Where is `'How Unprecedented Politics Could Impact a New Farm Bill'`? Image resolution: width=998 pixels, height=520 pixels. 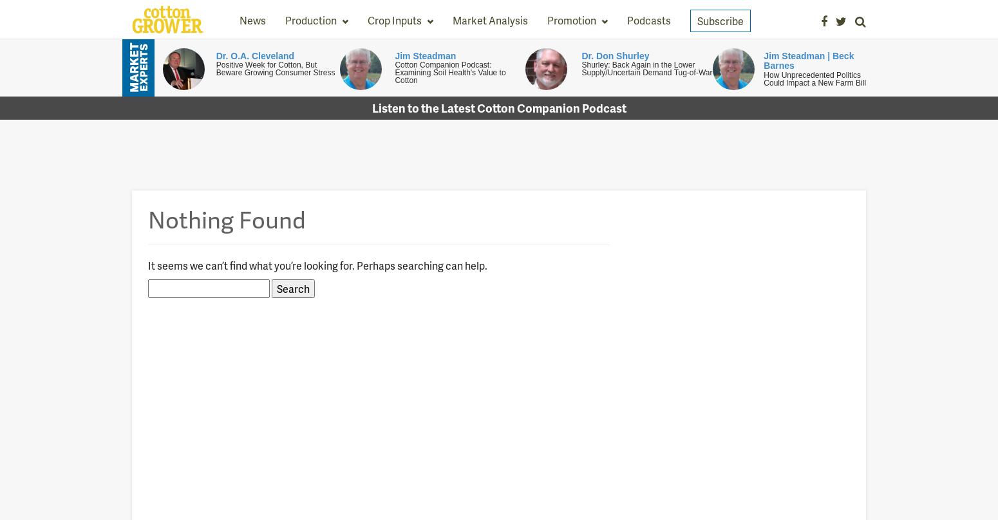 'How Unprecedented Politics Could Impact a New Farm Bill' is located at coordinates (814, 78).